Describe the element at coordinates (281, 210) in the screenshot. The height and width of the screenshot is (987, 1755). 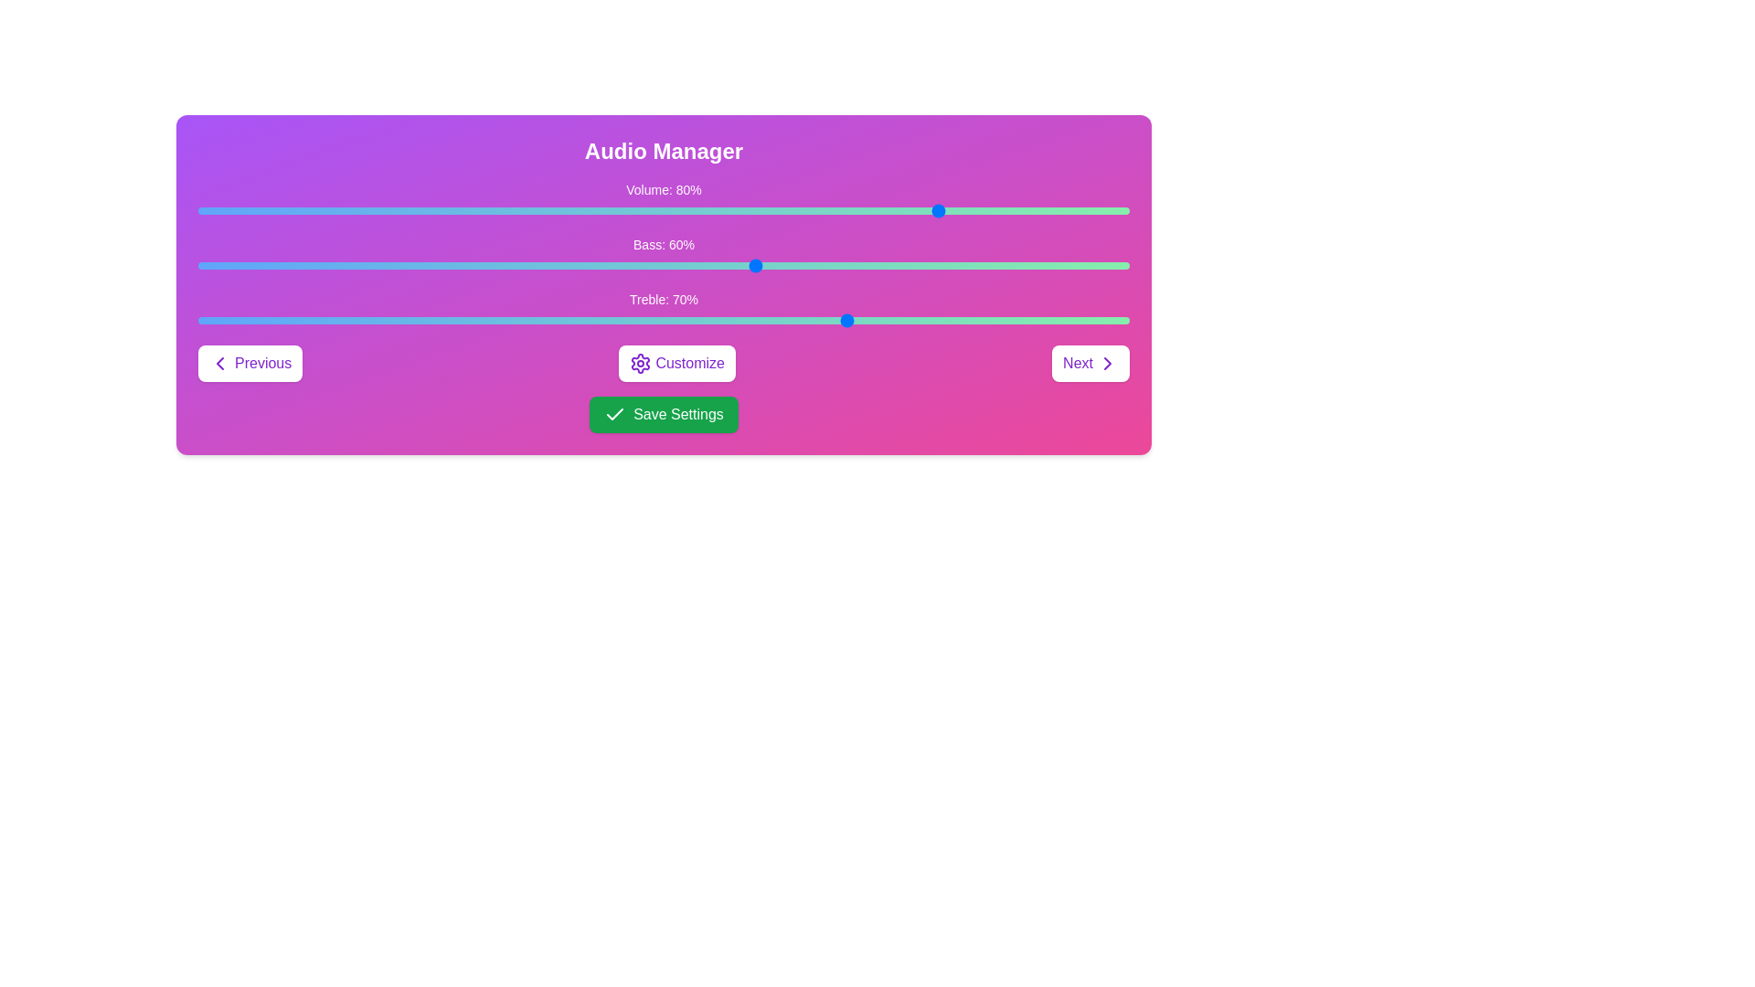
I see `the slider value` at that location.